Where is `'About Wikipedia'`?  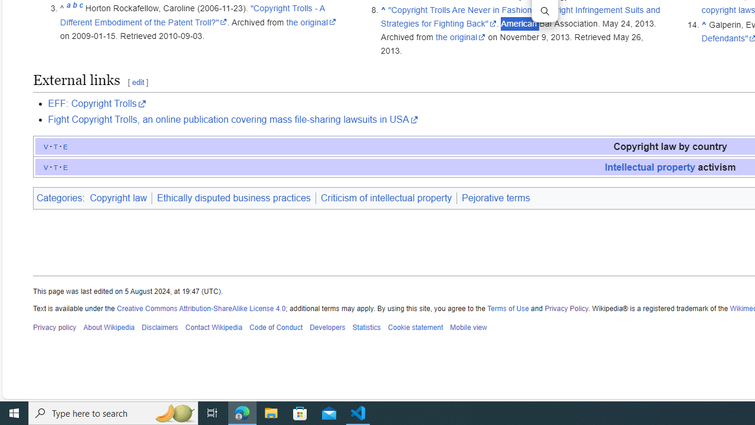 'About Wikipedia' is located at coordinates (109, 328).